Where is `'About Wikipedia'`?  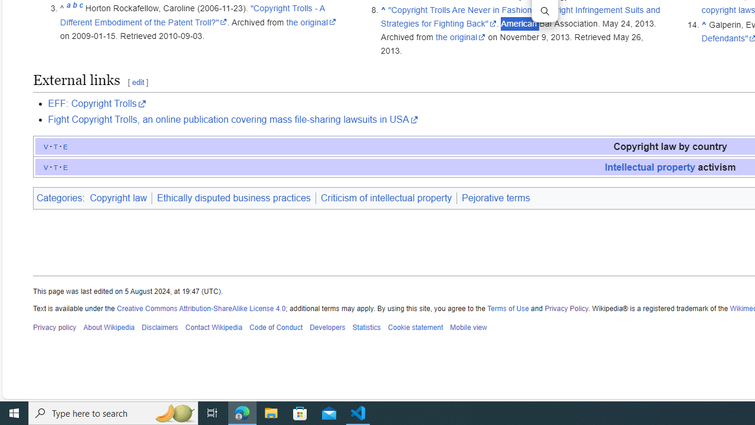 'About Wikipedia' is located at coordinates (109, 328).